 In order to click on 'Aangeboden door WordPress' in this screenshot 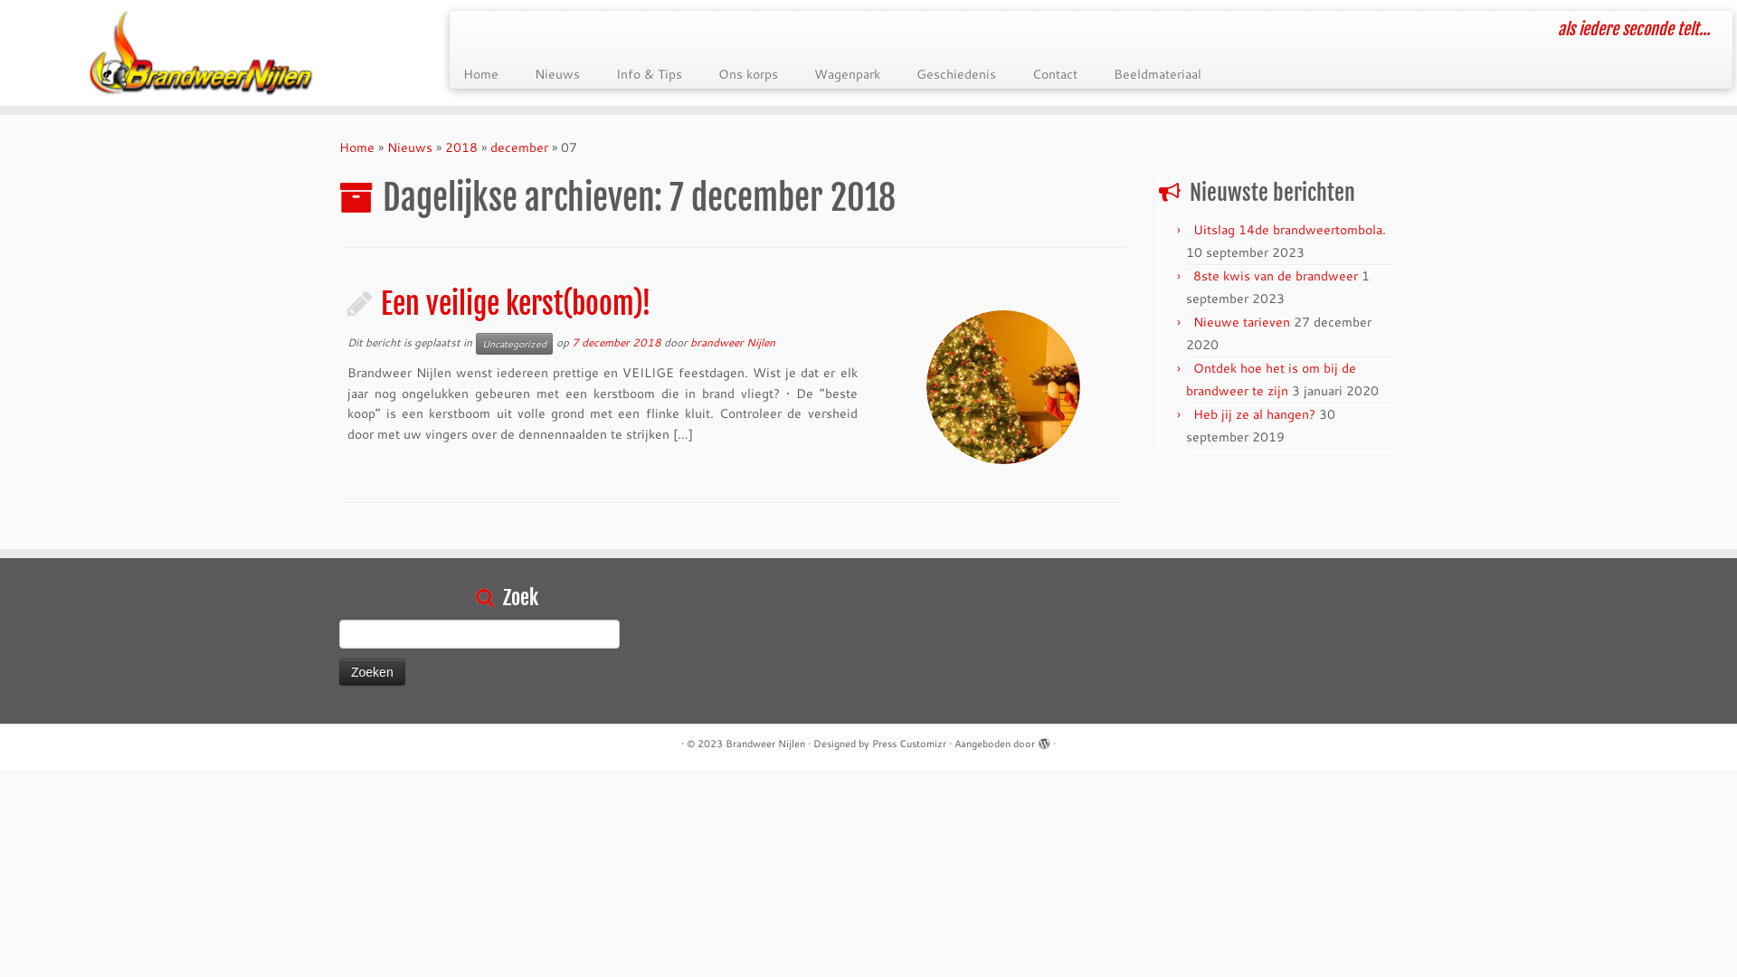, I will do `click(1043, 739)`.